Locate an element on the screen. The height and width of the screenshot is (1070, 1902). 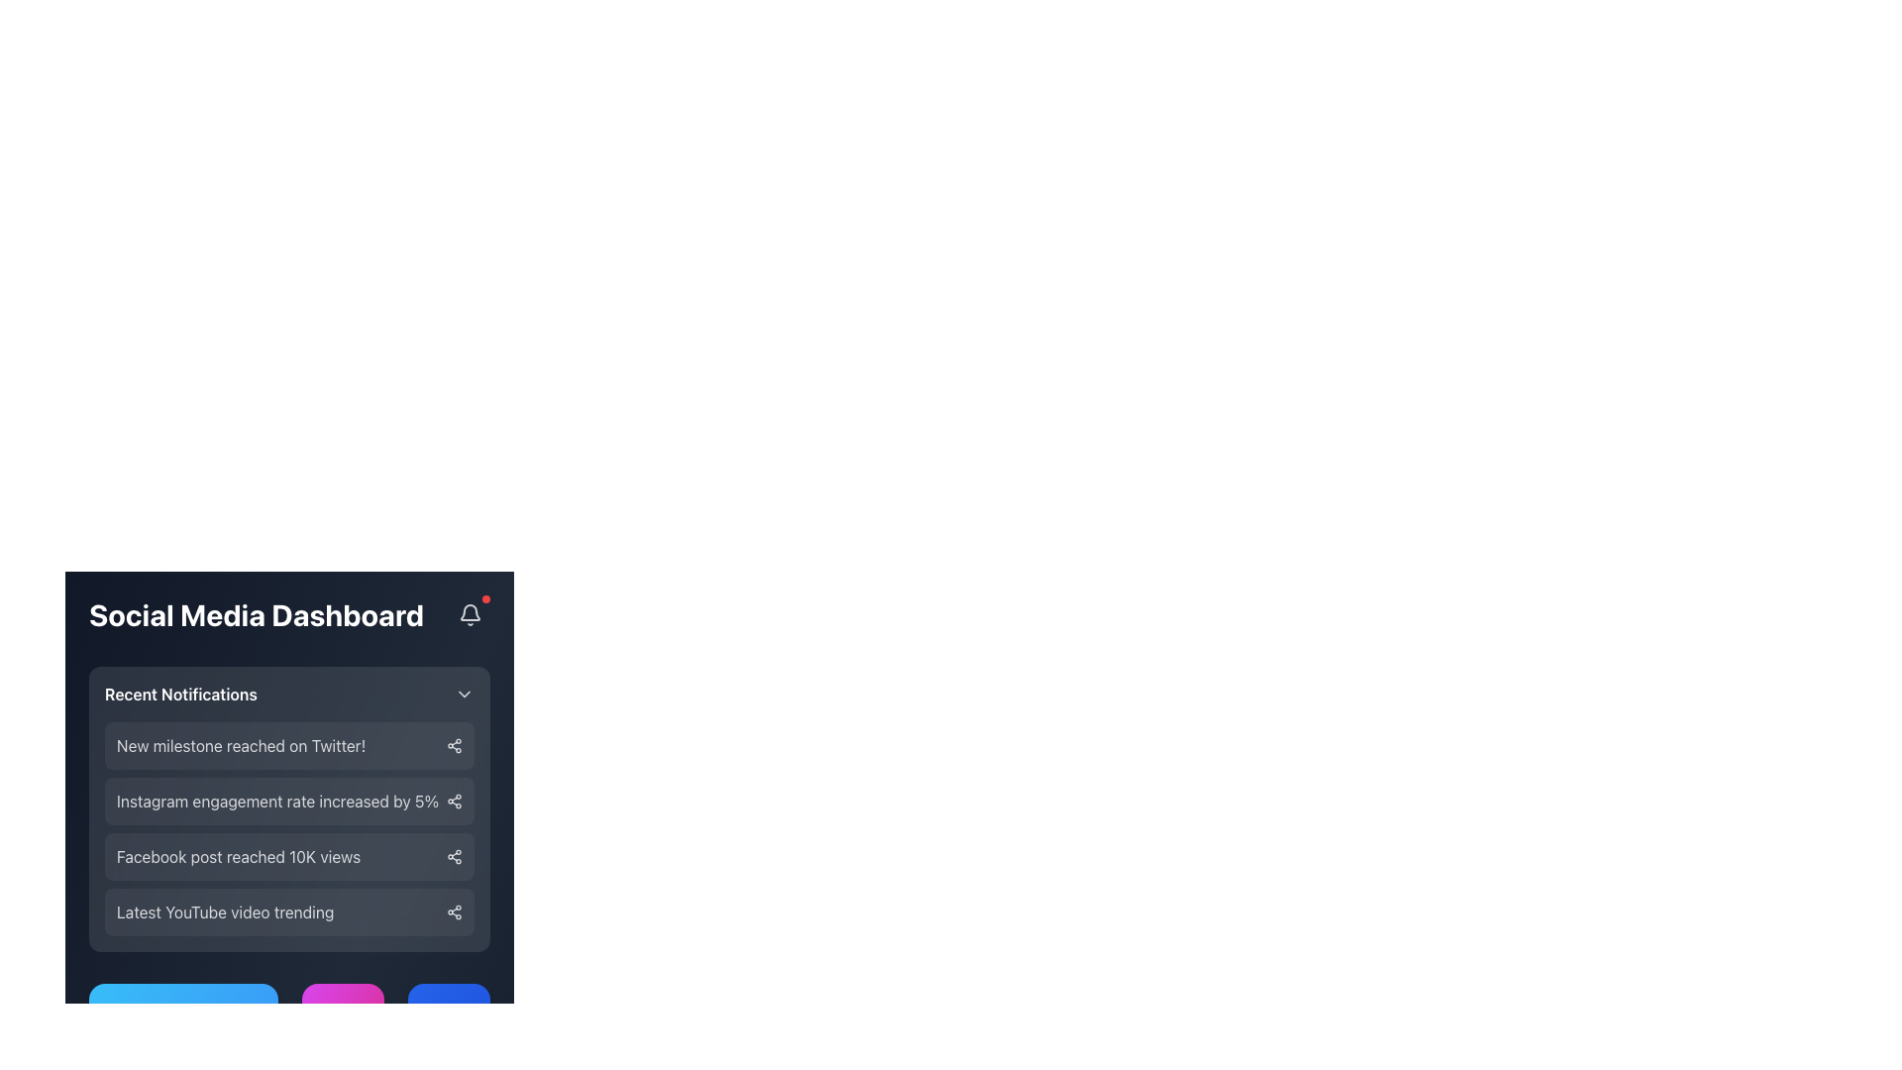
the second notification item in the 'Recent Notifications' section that displays a social media notification update is located at coordinates (288, 775).